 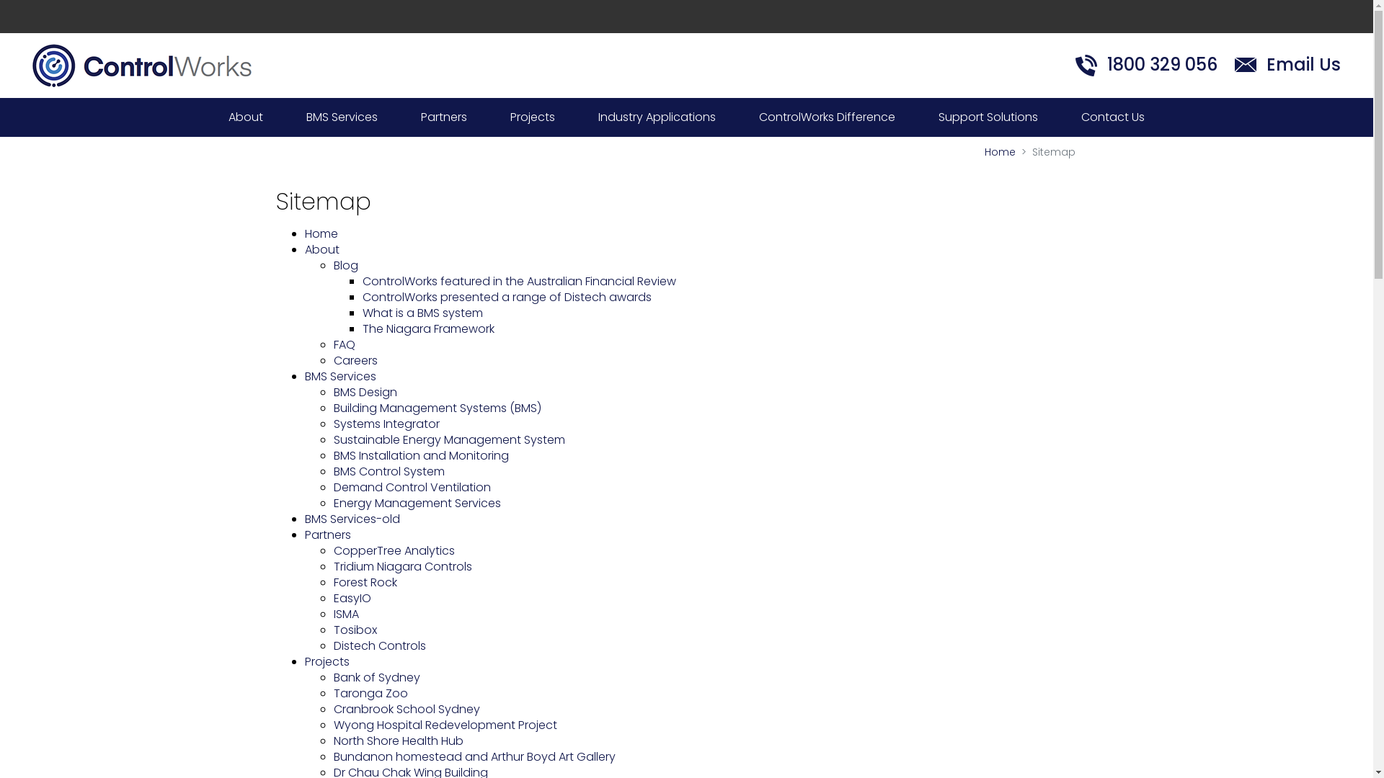 What do you see at coordinates (303, 375) in the screenshot?
I see `'BMS Services'` at bounding box center [303, 375].